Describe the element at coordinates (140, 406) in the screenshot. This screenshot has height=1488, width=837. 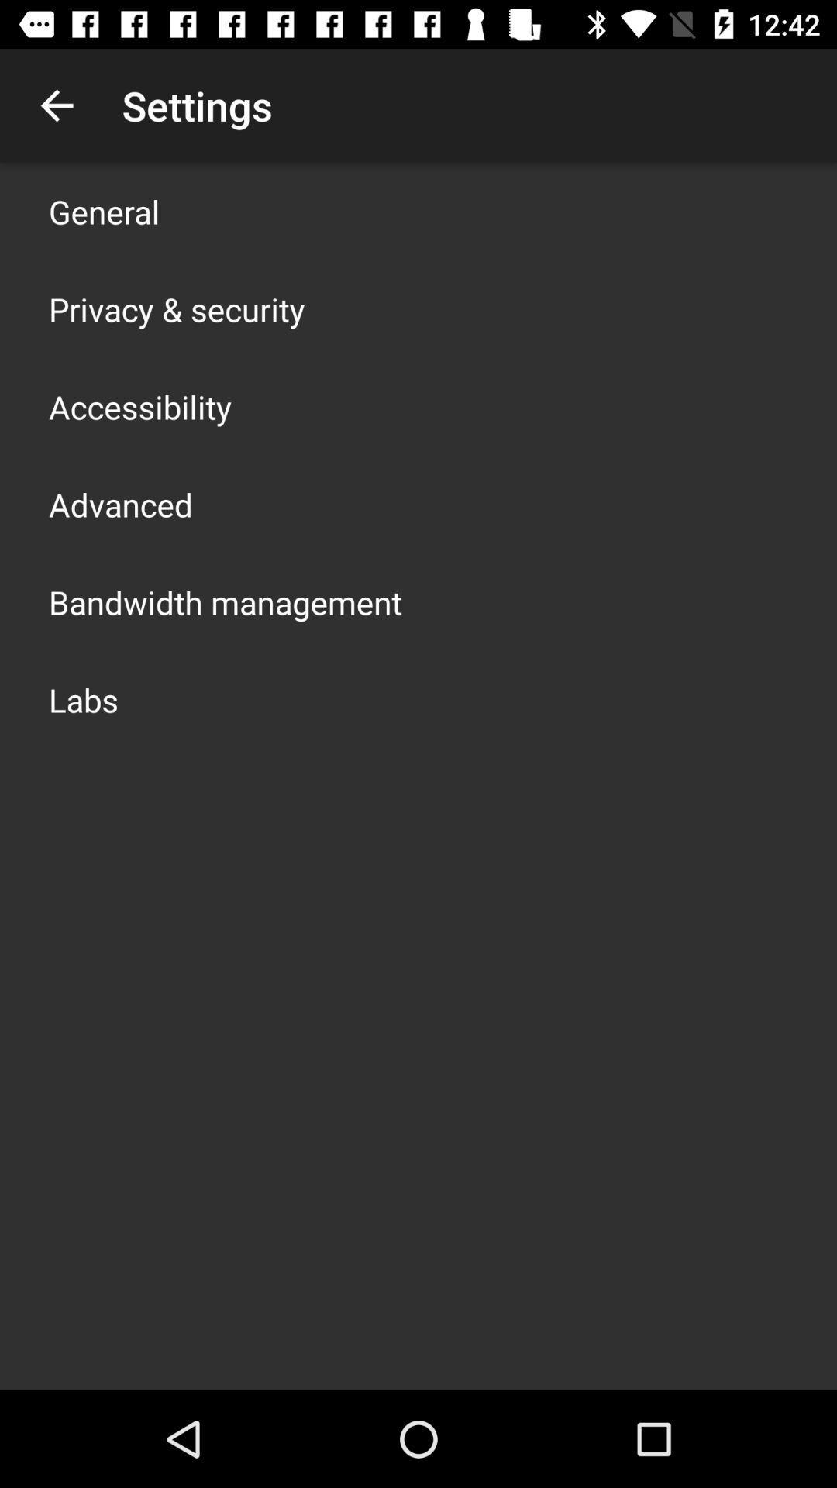
I see `accessibility icon` at that location.